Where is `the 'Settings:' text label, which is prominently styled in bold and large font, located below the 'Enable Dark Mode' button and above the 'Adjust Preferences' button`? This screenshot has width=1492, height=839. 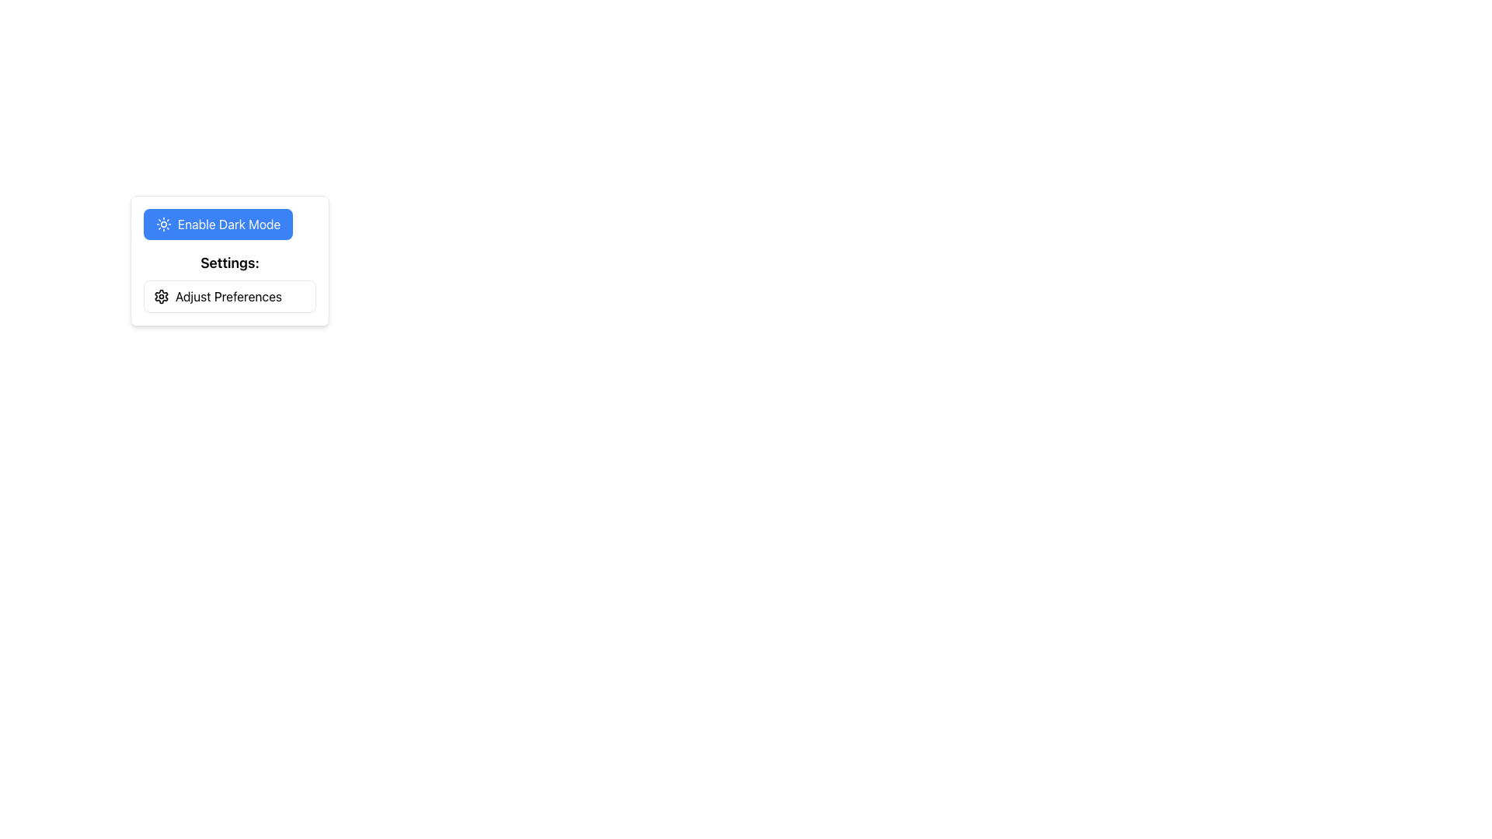 the 'Settings:' text label, which is prominently styled in bold and large font, located below the 'Enable Dark Mode' button and above the 'Adjust Preferences' button is located at coordinates (229, 263).